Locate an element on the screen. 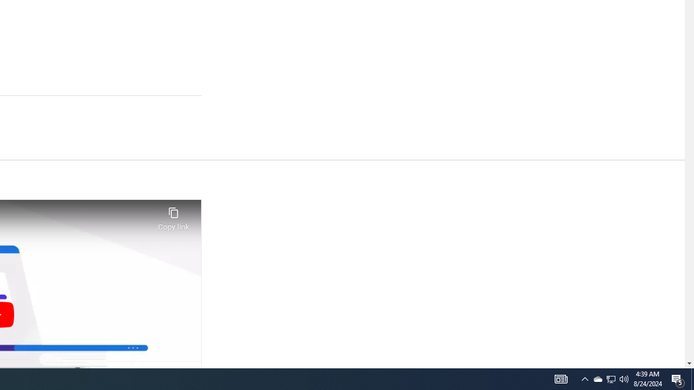 This screenshot has height=390, width=694. 'Copy link' is located at coordinates (173, 216).